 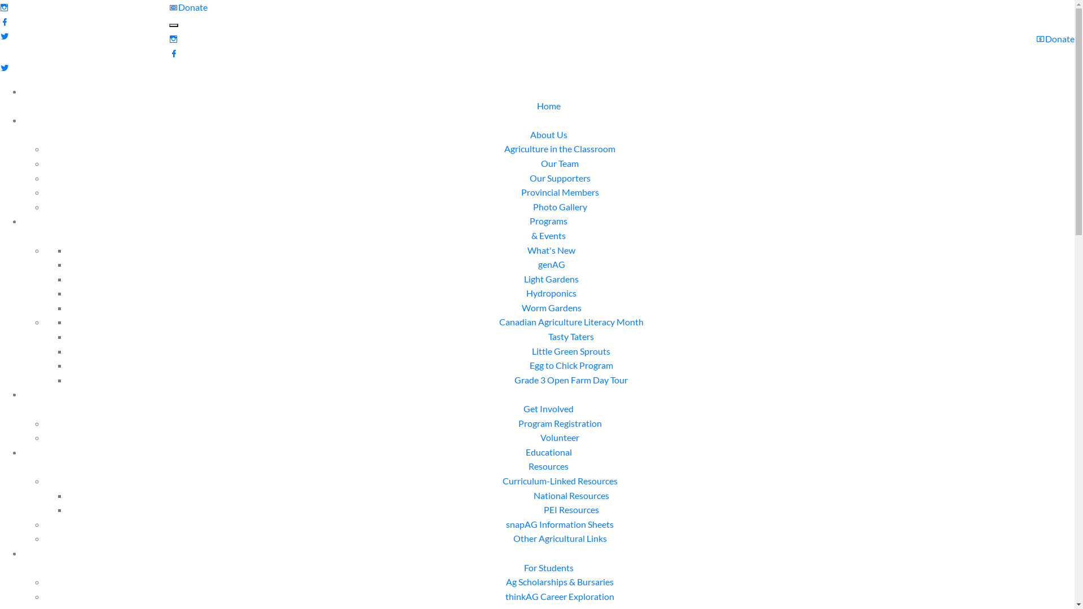 I want to click on 'Donate', so click(x=188, y=7).